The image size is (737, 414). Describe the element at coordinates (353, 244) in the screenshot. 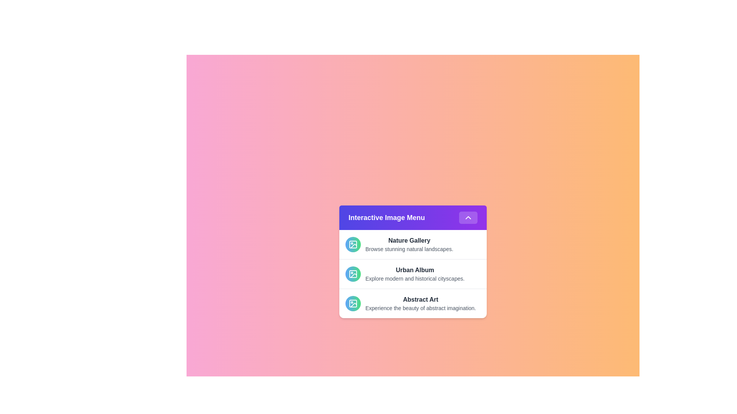

I see `the icon of the Nature Gallery menu item` at that location.